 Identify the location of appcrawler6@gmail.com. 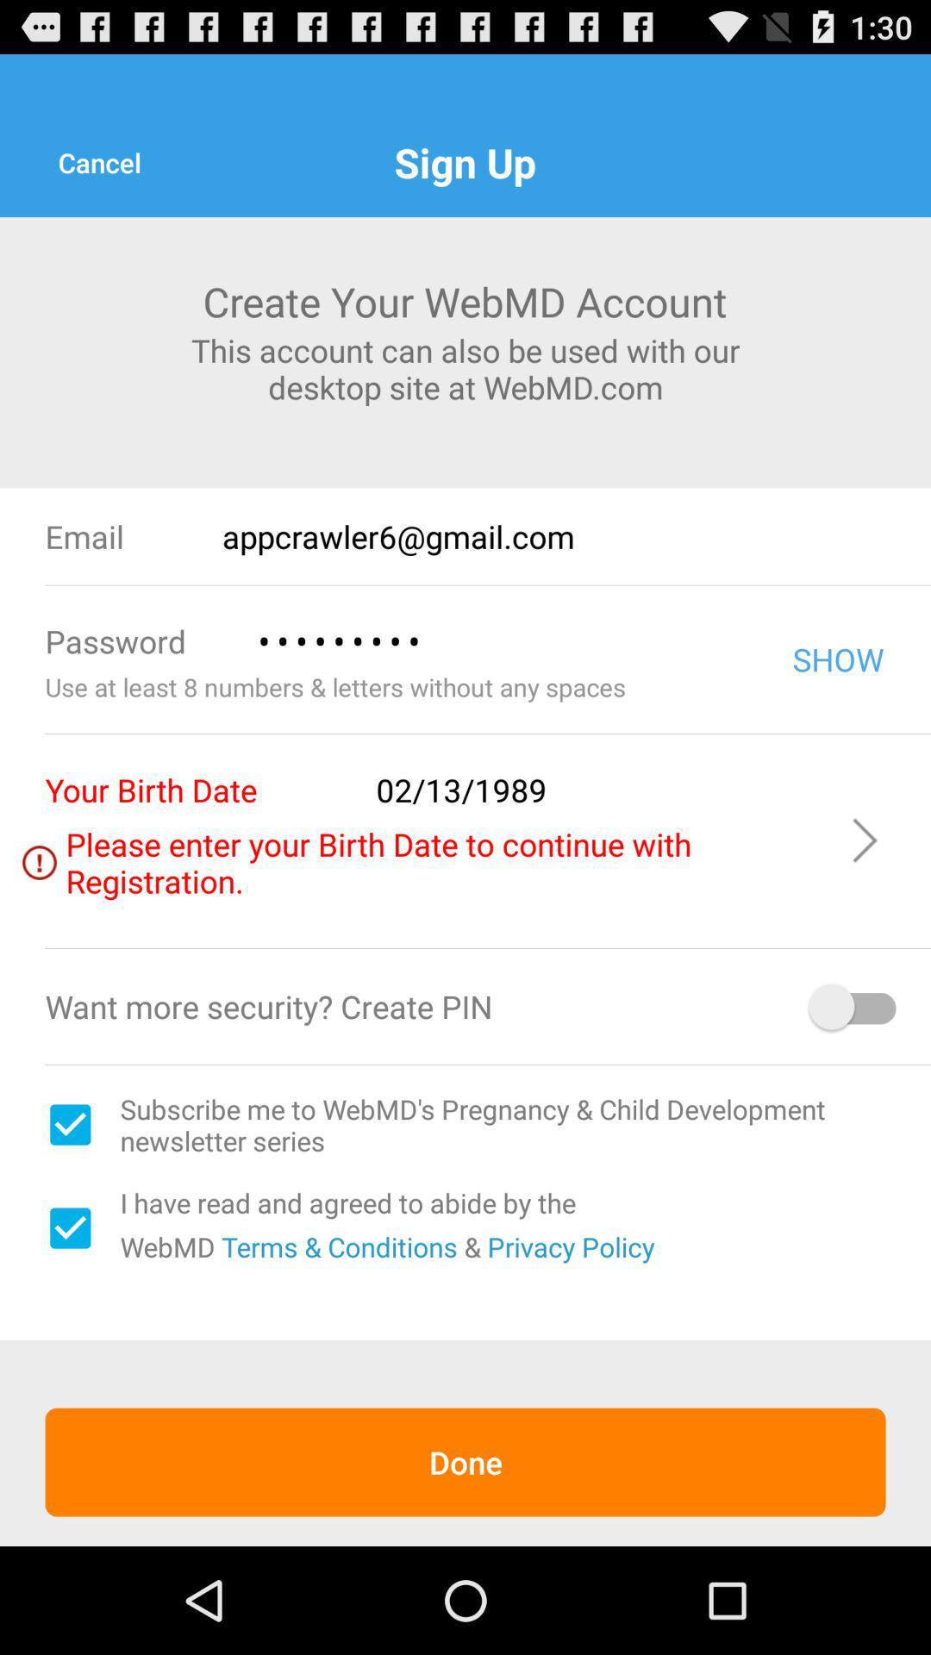
(576, 535).